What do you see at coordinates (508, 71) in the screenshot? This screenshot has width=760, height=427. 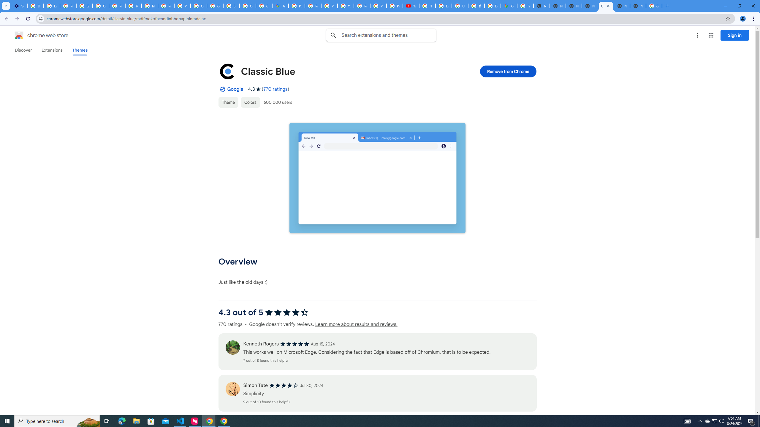 I see `'Remove from Chrome'` at bounding box center [508, 71].